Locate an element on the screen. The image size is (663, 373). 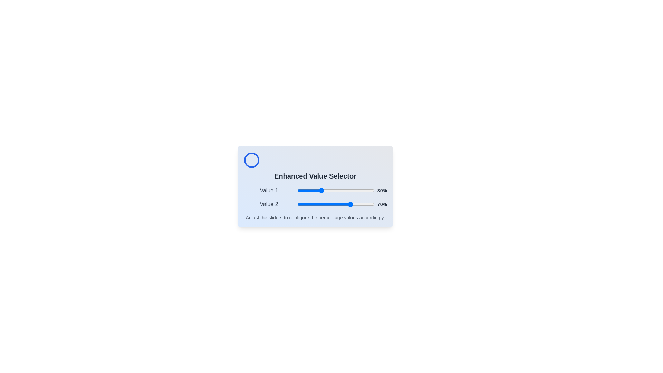
the slider for Value 1 to 15% is located at coordinates (308, 190).